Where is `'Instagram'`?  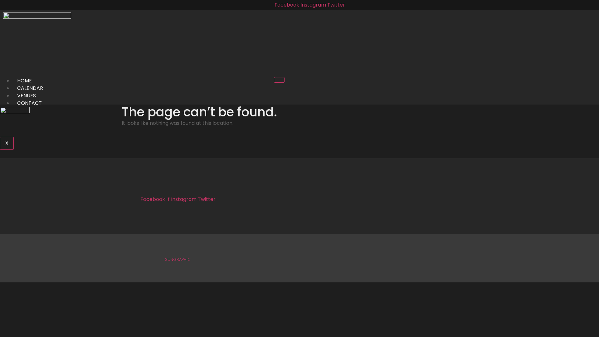 'Instagram' is located at coordinates (171, 199).